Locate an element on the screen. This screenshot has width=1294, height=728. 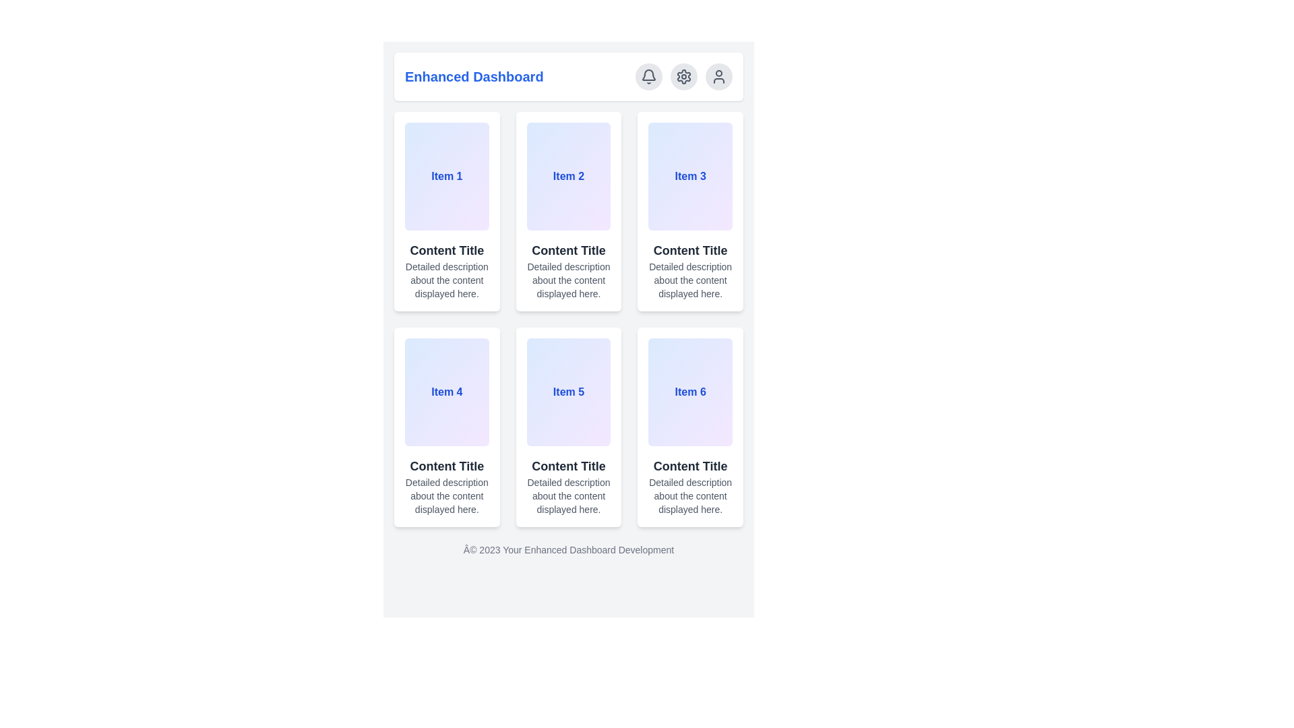
the Card or Item Box representing 'Item 5' located in the middle column of the second row in a 3x2 grid layout, positioned directly below 'Item 2' and above 'Content Title' is located at coordinates (569, 392).